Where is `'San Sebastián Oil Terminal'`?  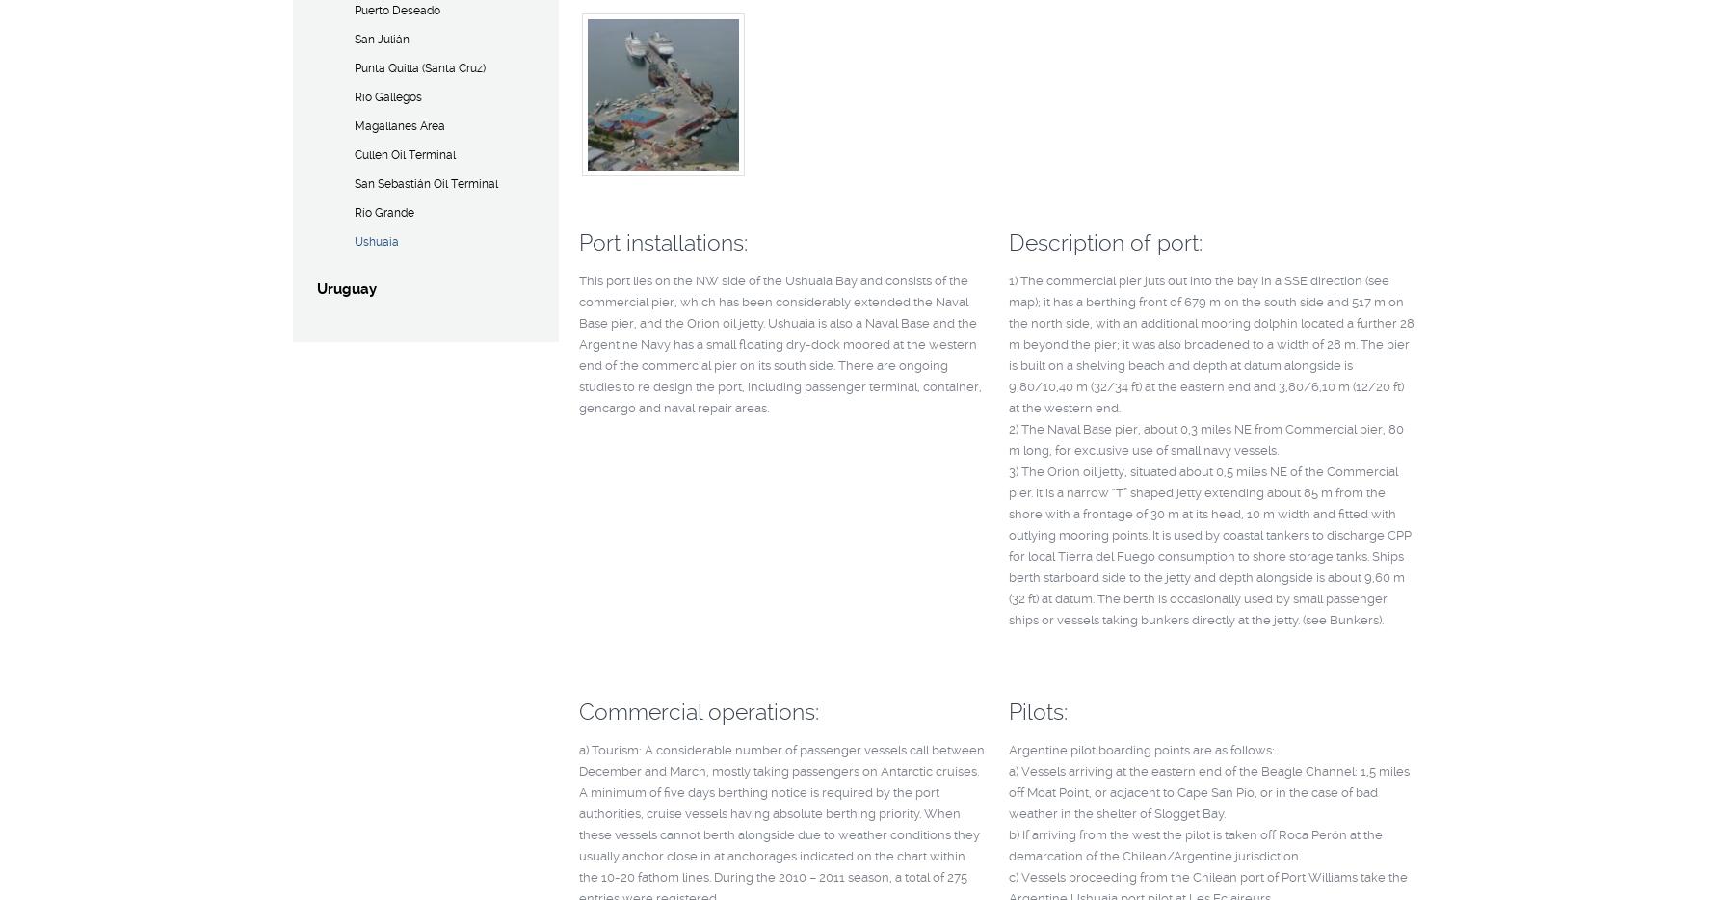 'San Sebastián Oil Terminal' is located at coordinates (425, 183).